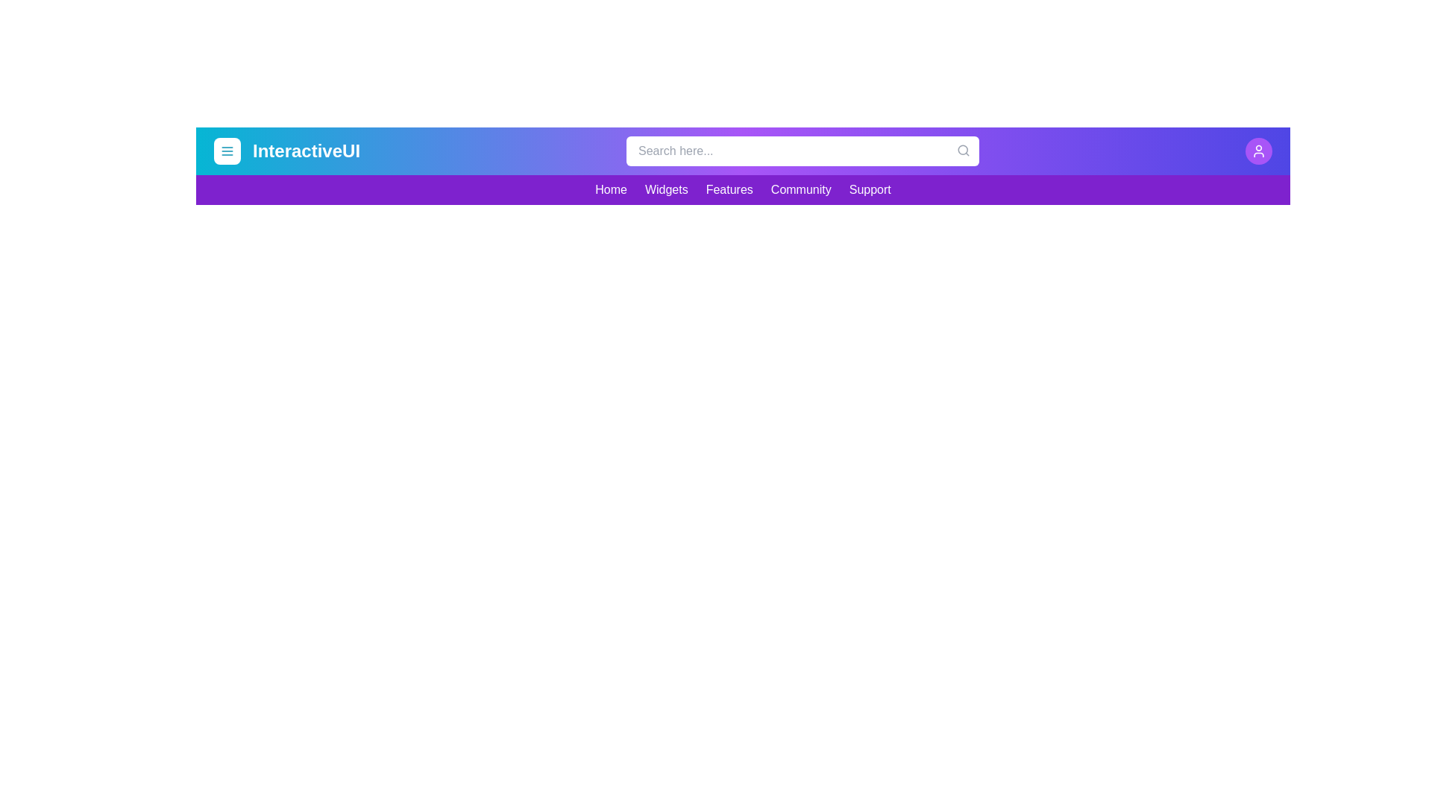  I want to click on the menu button to toggle the menu open or closed, so click(227, 151).